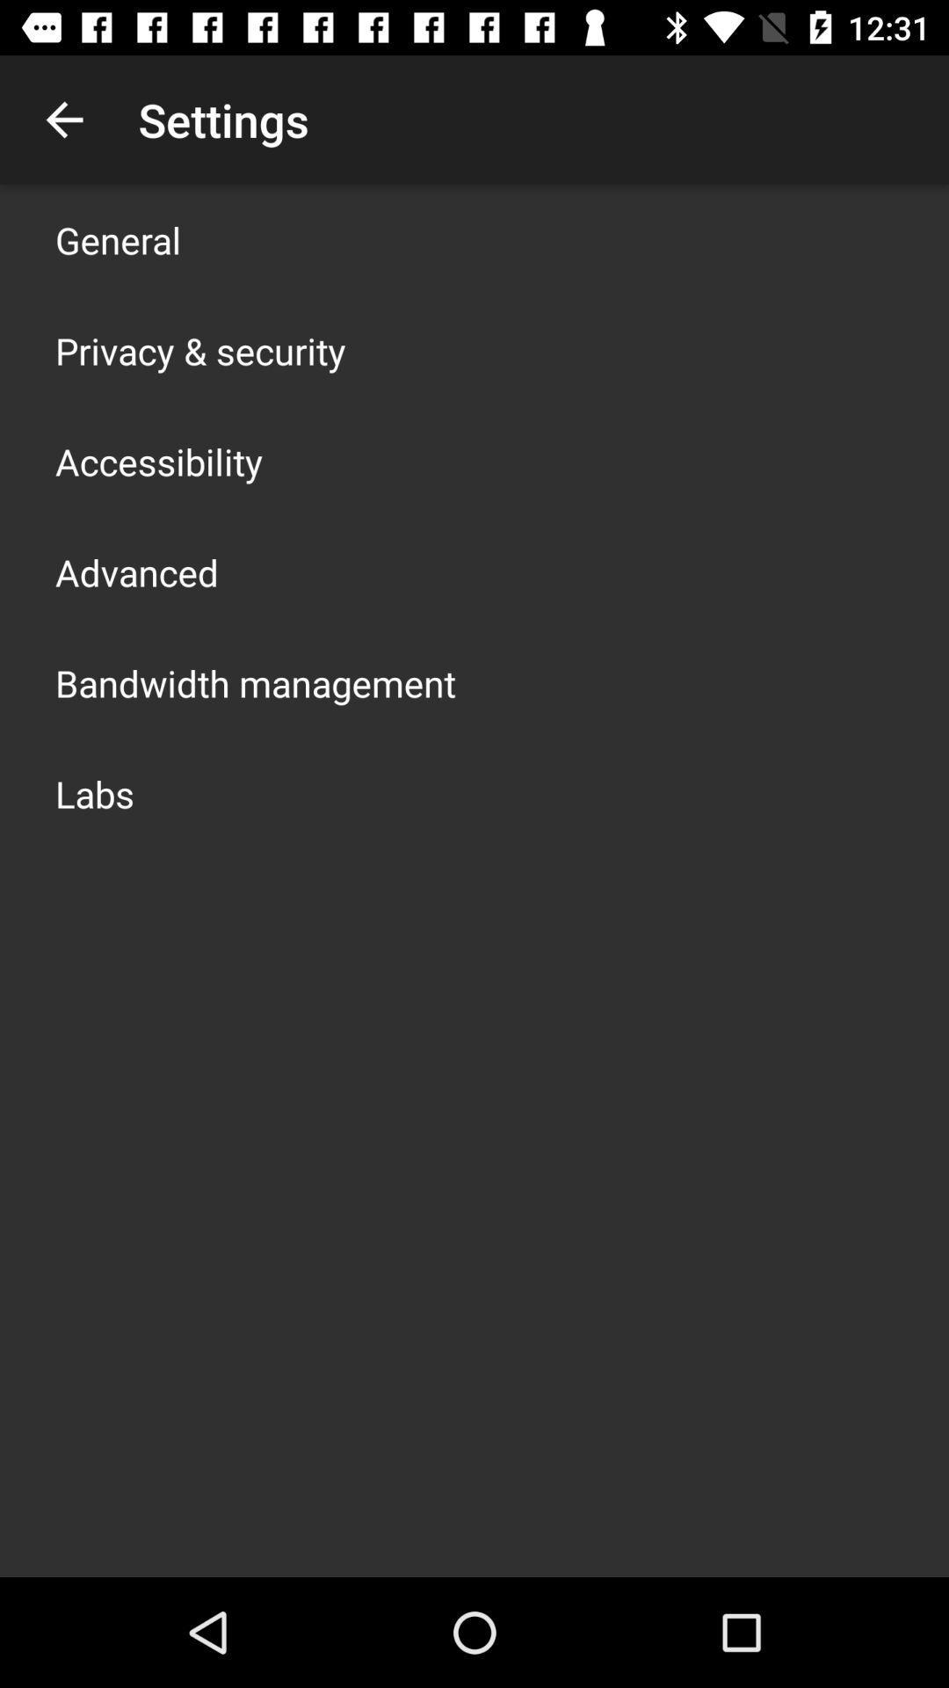 The image size is (949, 1688). I want to click on the advanced app, so click(135, 572).